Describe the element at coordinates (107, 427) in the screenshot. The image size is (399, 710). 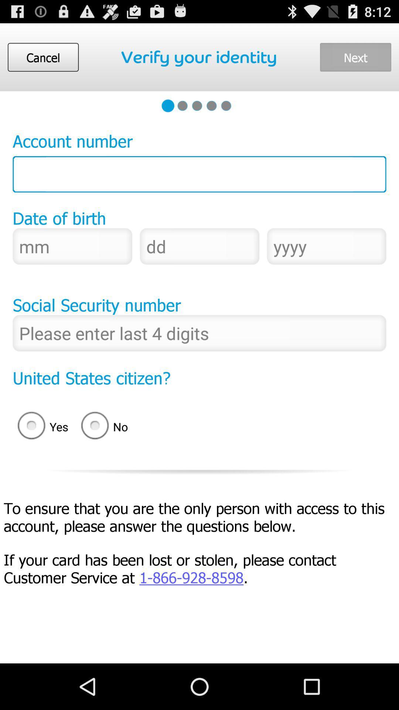
I see `radio button next to yes` at that location.